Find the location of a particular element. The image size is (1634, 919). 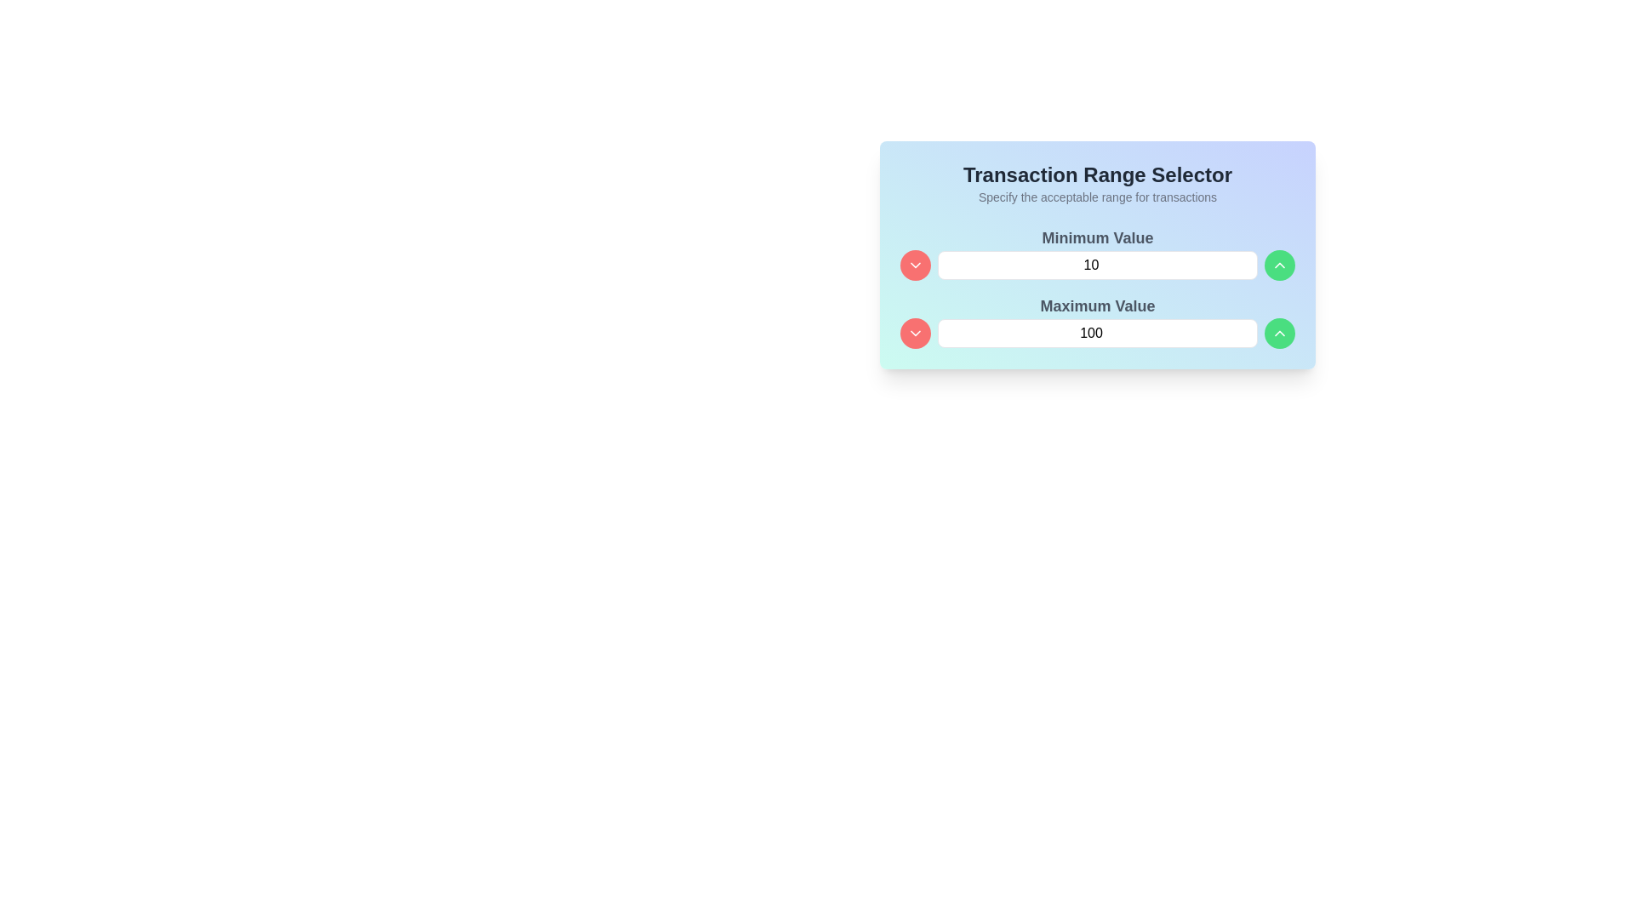

the chevron-down icon, which is a downward-pointing arrow on a circular red background, located at the bottom-left corner of the card interface associated with the 'Maximum Value' field is located at coordinates (914, 265).